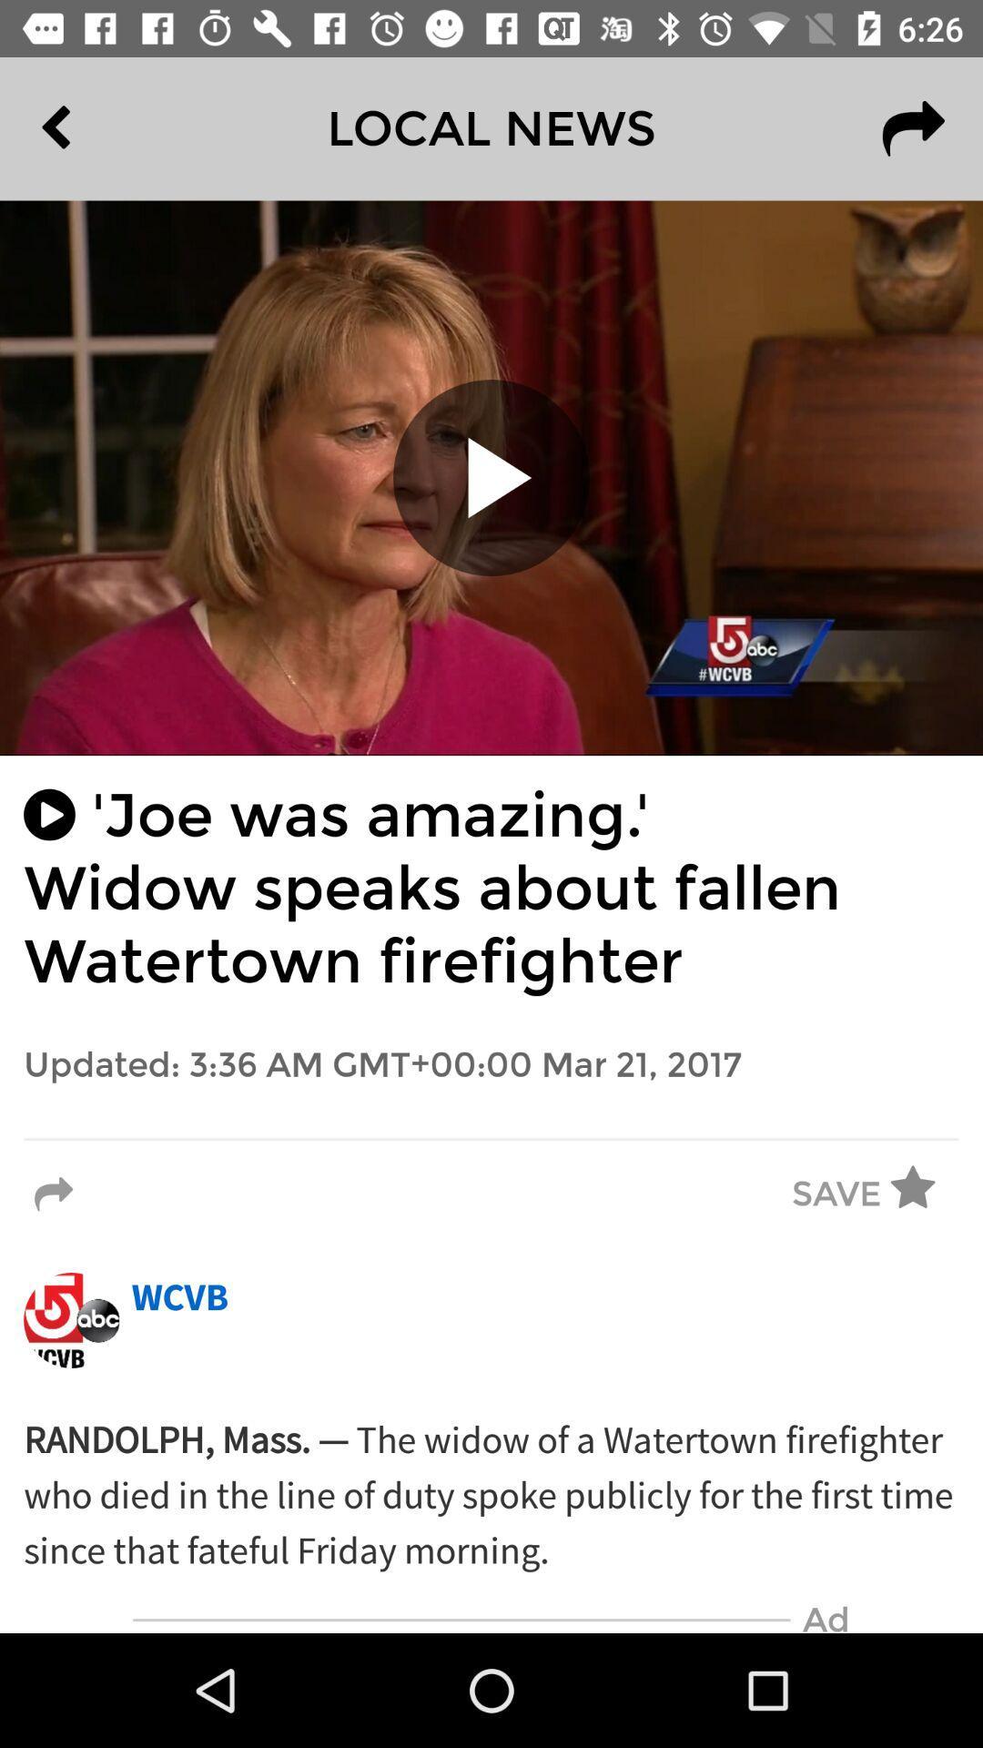 The height and width of the screenshot is (1748, 983). Describe the element at coordinates (925, 1194) in the screenshot. I see `the item to the right of the save` at that location.